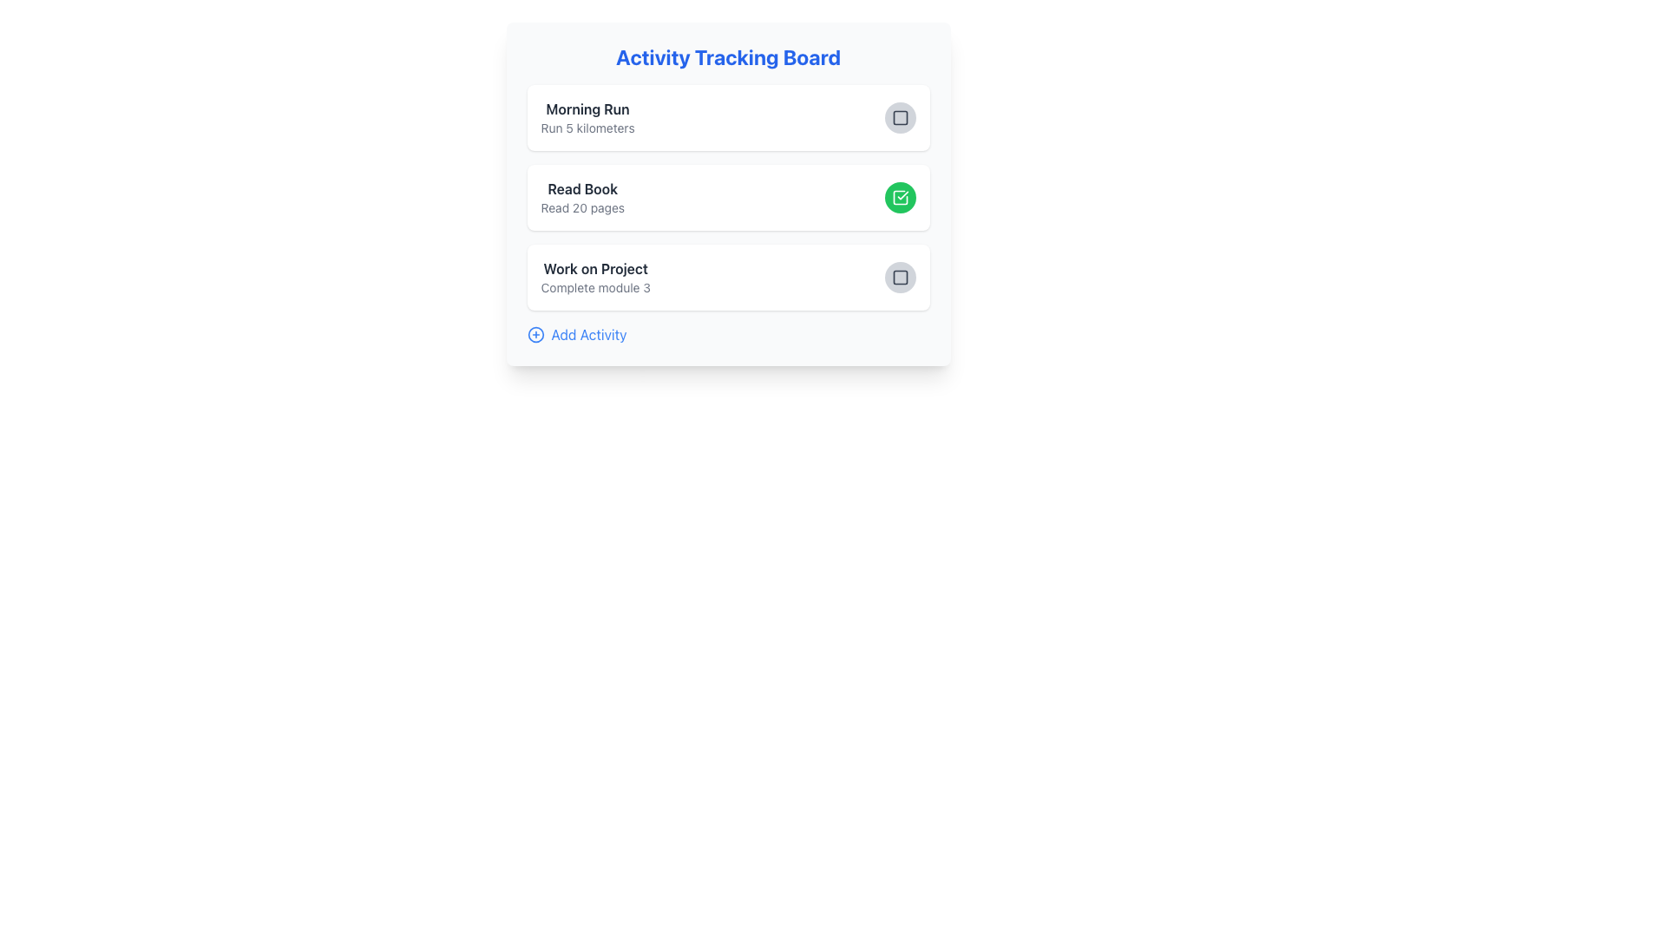  What do you see at coordinates (535, 334) in the screenshot?
I see `the light blue circular icon with a plus sign, located next to the 'Add Activity' text` at bounding box center [535, 334].